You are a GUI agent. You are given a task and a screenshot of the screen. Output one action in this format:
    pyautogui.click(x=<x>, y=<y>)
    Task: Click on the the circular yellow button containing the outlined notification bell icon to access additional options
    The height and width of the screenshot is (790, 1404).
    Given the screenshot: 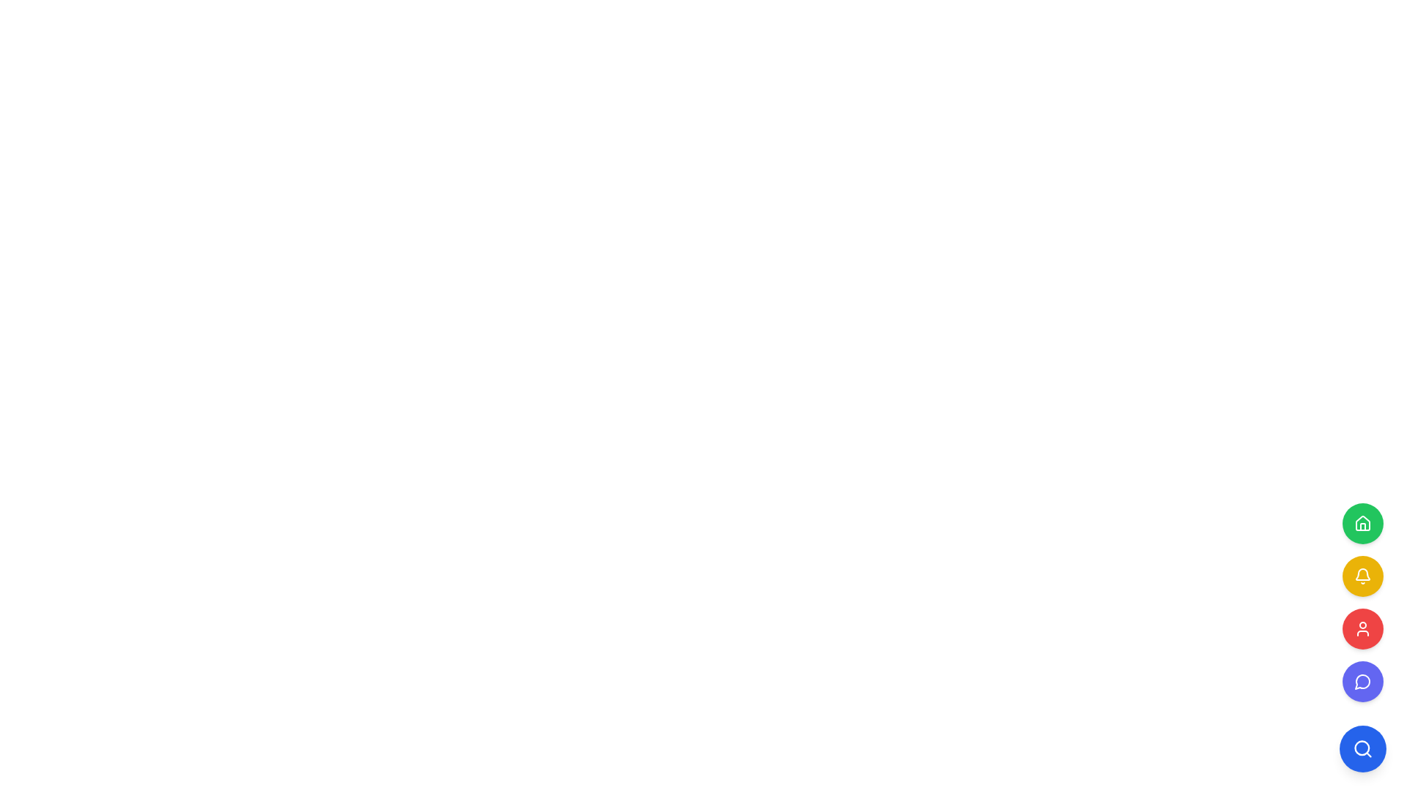 What is the action you would take?
    pyautogui.click(x=1362, y=575)
    